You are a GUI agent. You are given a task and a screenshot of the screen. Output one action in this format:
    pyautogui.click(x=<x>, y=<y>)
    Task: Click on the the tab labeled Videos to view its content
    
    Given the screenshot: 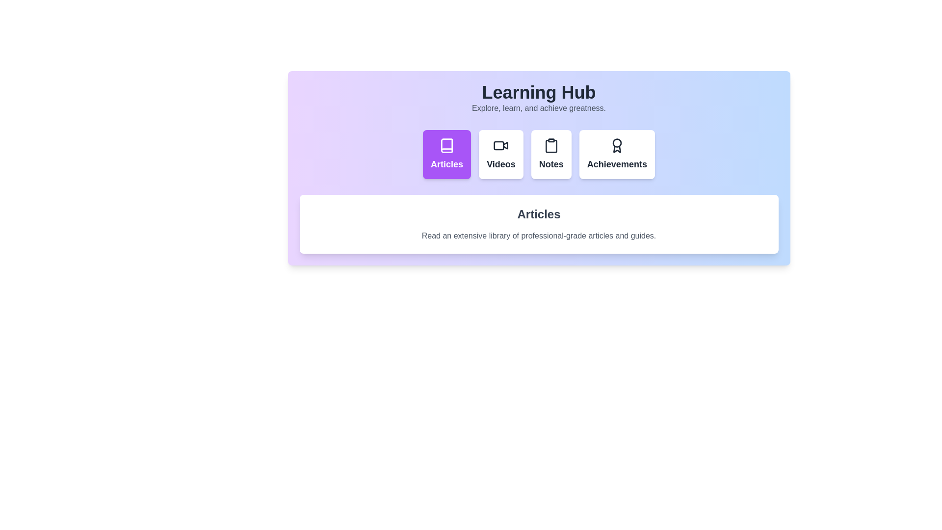 What is the action you would take?
    pyautogui.click(x=501, y=155)
    